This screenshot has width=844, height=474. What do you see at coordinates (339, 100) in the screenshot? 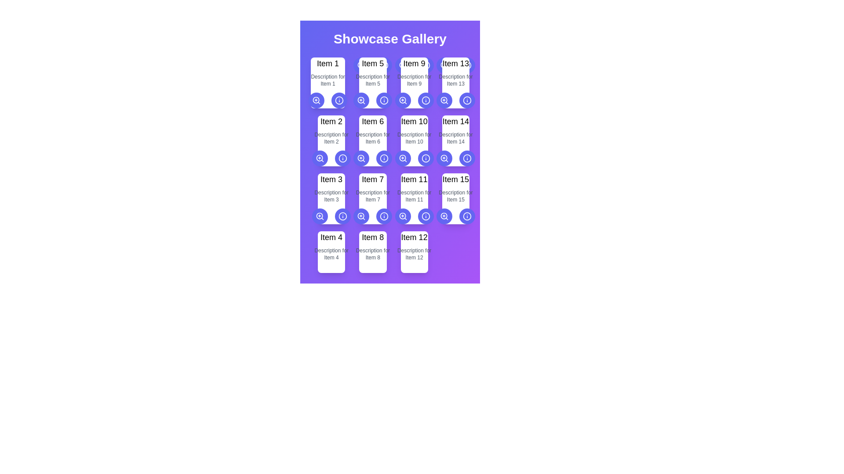
I see `the circular shape within the SVG graphic associated with the icon for 'Item 5' in the second column and first row of the grid layout` at bounding box center [339, 100].